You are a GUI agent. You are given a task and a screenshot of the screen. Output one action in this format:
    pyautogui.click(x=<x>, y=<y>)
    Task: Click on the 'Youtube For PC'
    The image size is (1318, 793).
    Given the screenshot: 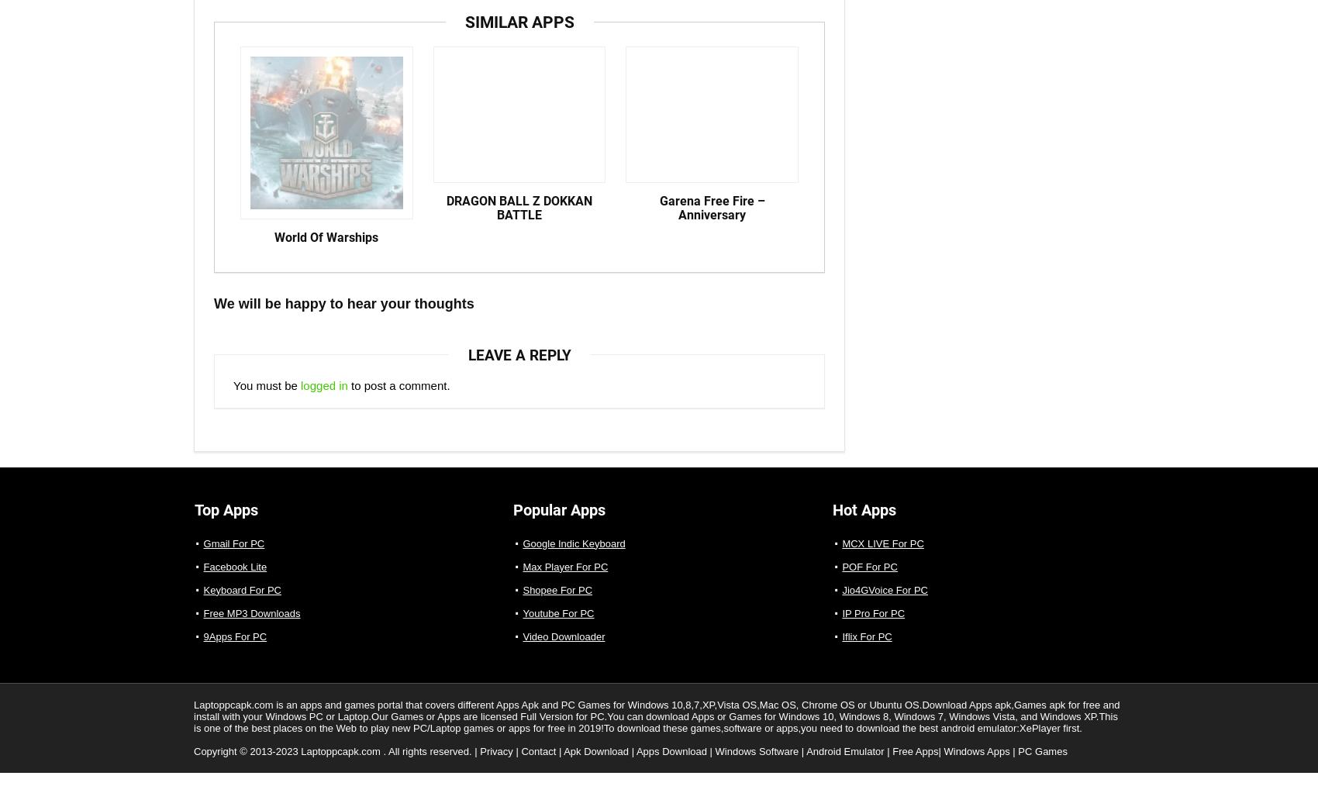 What is the action you would take?
    pyautogui.click(x=557, y=626)
    